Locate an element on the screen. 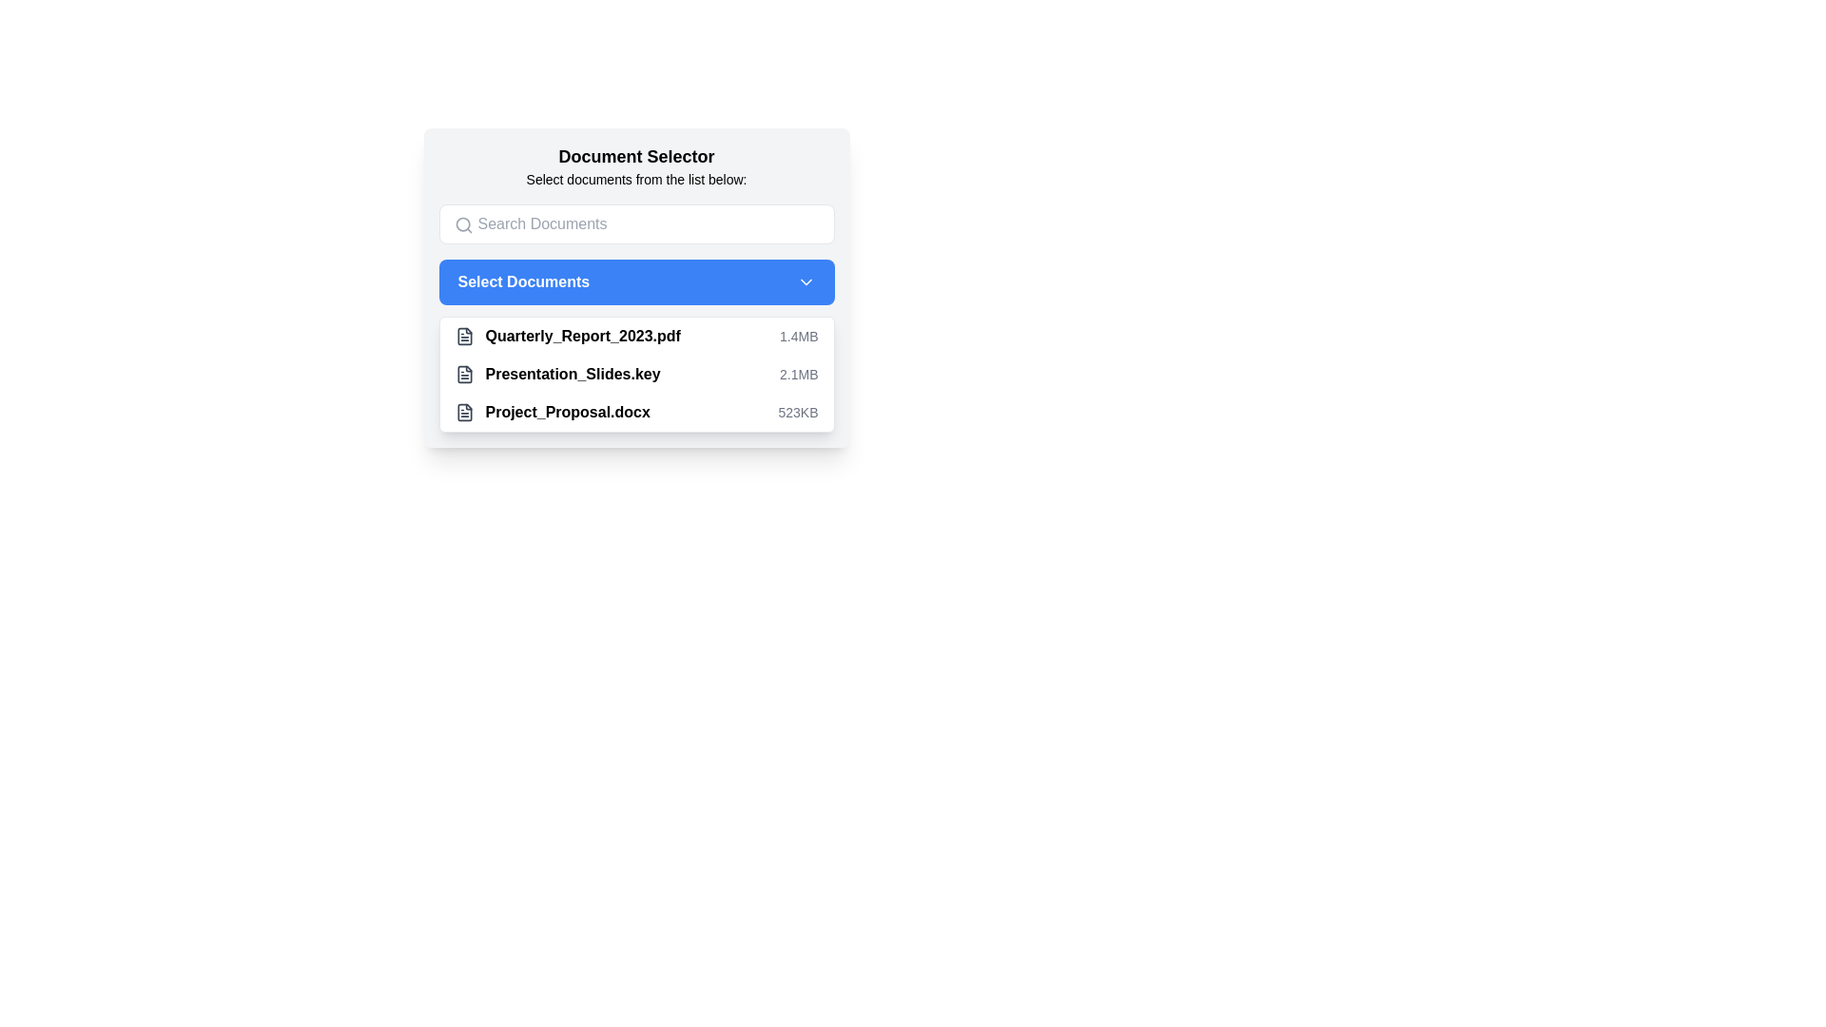 The height and width of the screenshot is (1027, 1826). the text label displaying the file name of the document, which is the third entry in the file list is located at coordinates (567, 412).